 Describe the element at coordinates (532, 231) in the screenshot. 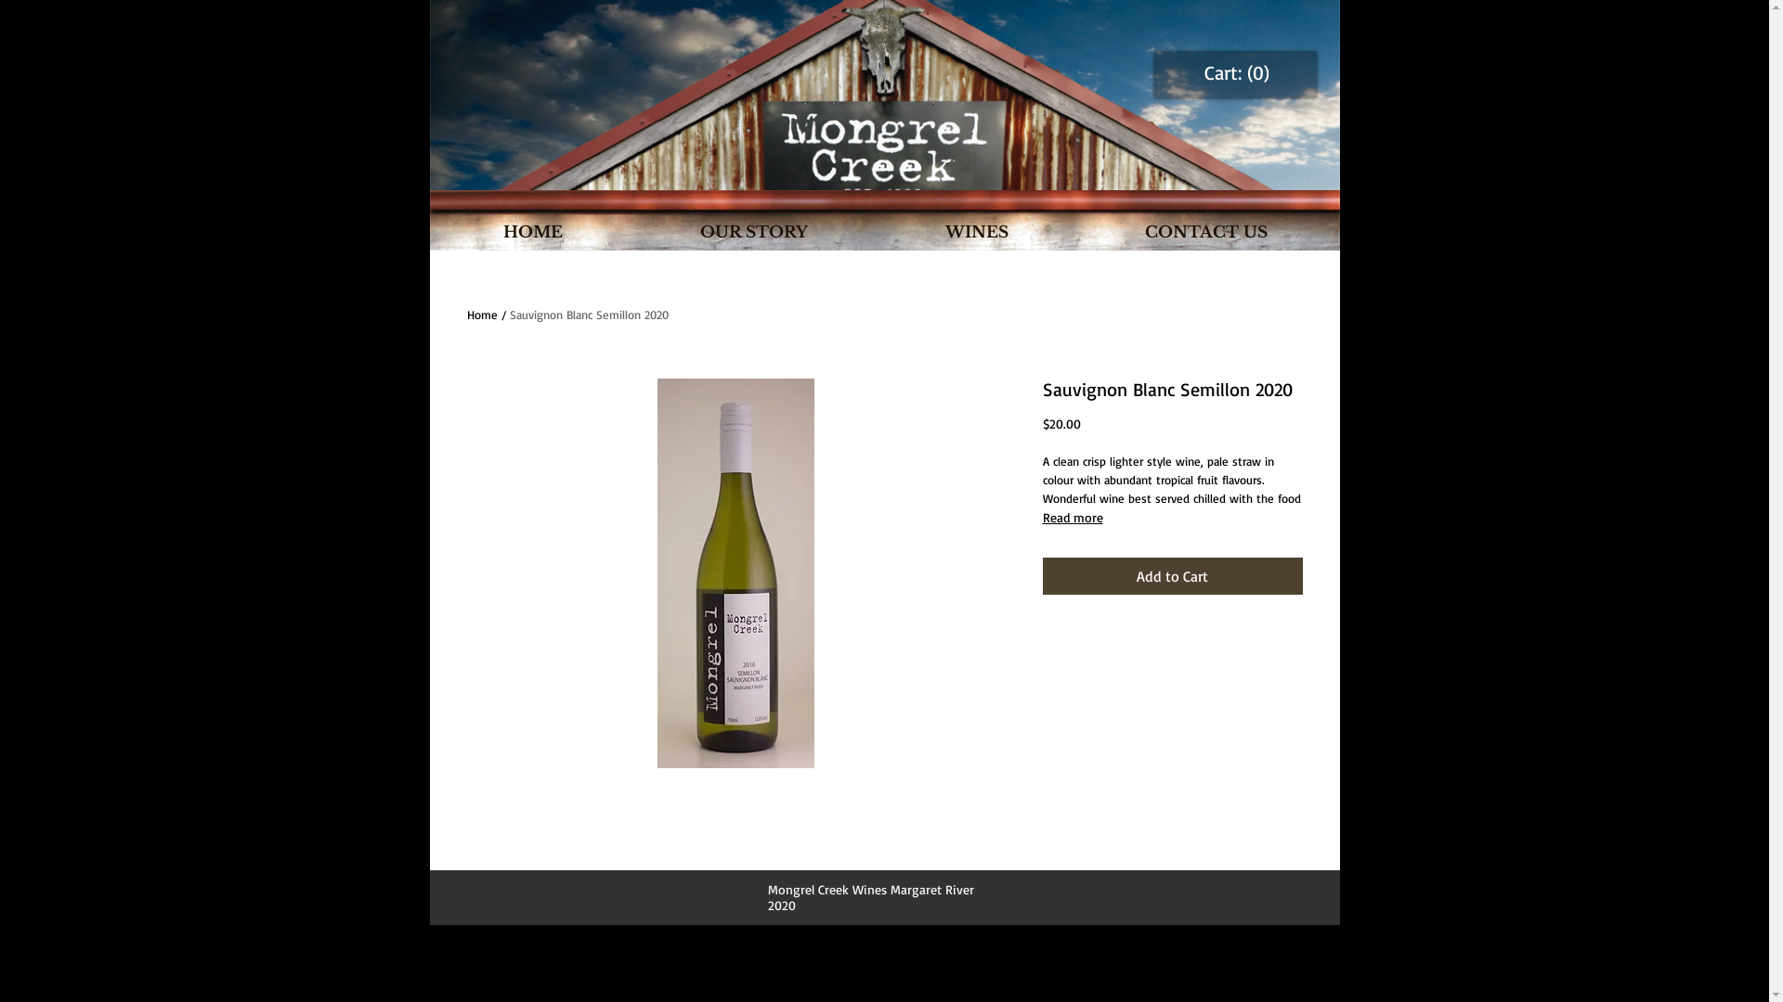

I see `'HOME'` at that location.